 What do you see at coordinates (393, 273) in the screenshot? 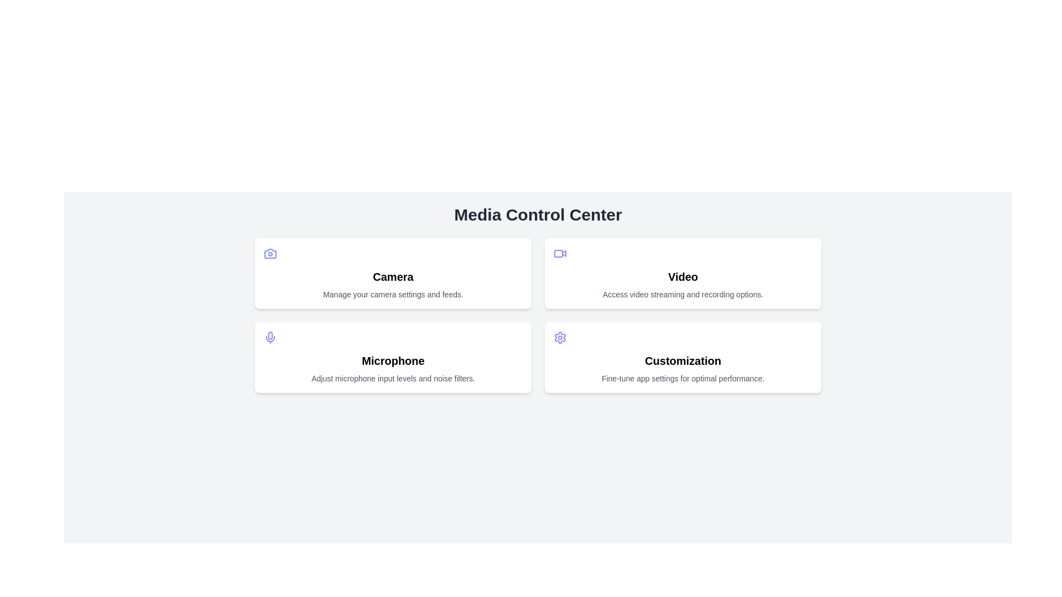
I see `the top-left card in the grid that provides access to camera settings` at bounding box center [393, 273].